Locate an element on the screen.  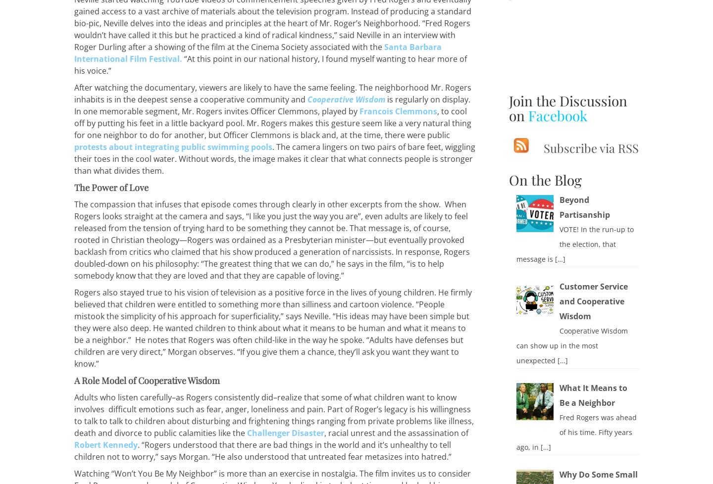
'protests about integrating public swimming pools' is located at coordinates (173, 146).